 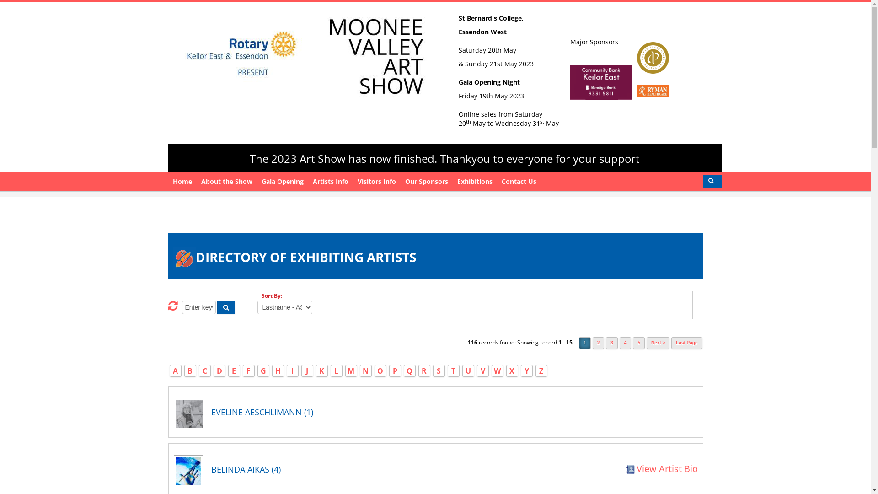 I want to click on 'E', so click(x=234, y=370).